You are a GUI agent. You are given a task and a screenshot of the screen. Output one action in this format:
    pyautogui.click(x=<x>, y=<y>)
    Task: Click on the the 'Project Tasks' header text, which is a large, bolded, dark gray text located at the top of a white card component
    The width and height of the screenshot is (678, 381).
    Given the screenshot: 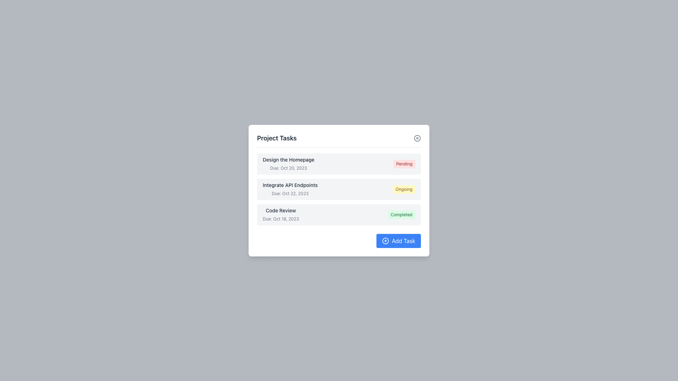 What is the action you would take?
    pyautogui.click(x=276, y=138)
    